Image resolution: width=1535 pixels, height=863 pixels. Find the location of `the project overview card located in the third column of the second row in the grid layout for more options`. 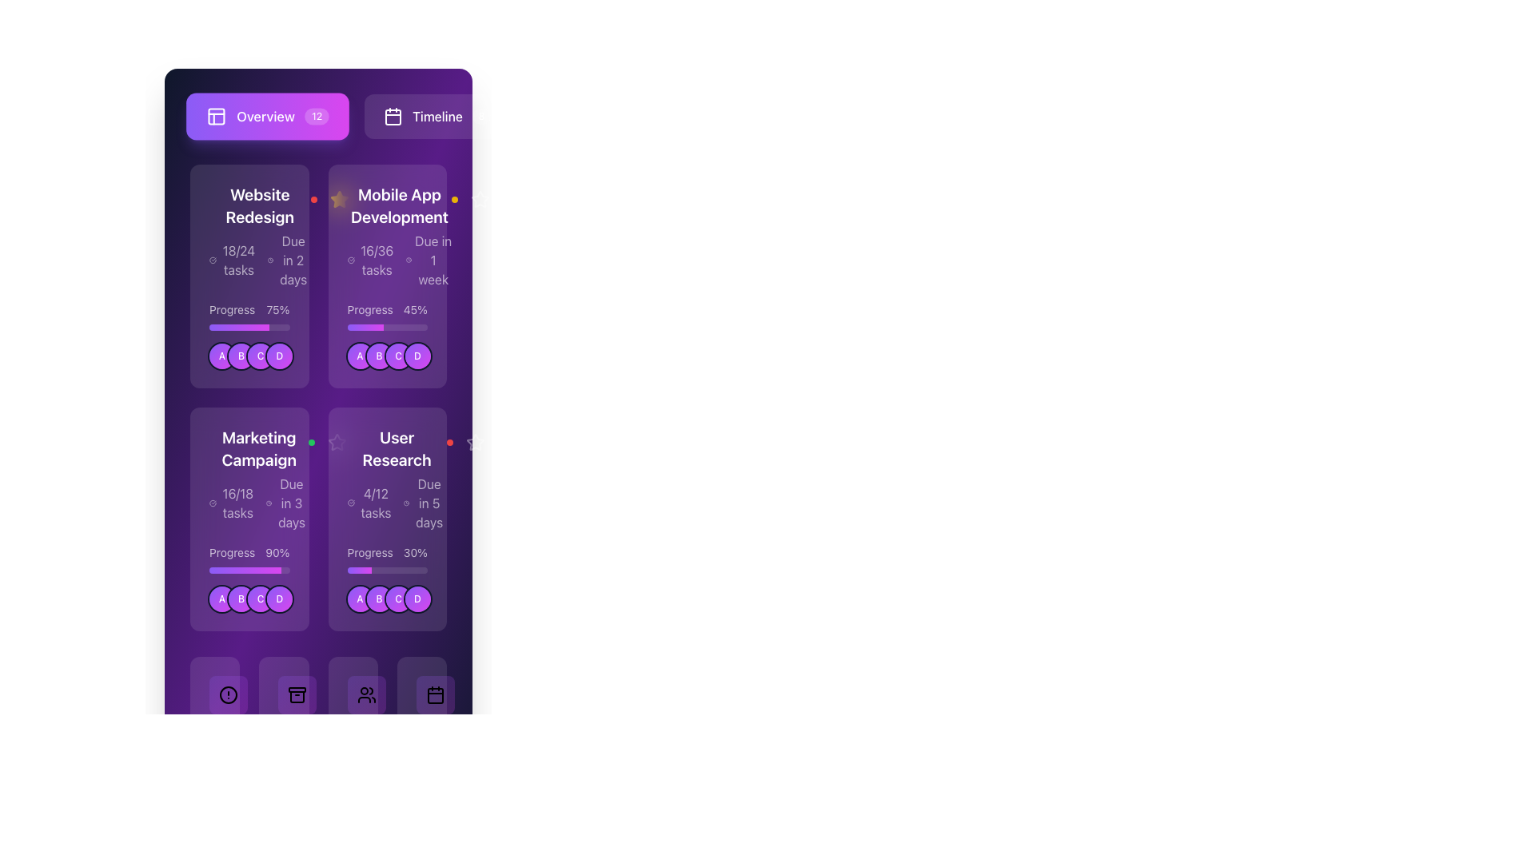

the project overview card located in the third column of the second row in the grid layout for more options is located at coordinates (387, 479).